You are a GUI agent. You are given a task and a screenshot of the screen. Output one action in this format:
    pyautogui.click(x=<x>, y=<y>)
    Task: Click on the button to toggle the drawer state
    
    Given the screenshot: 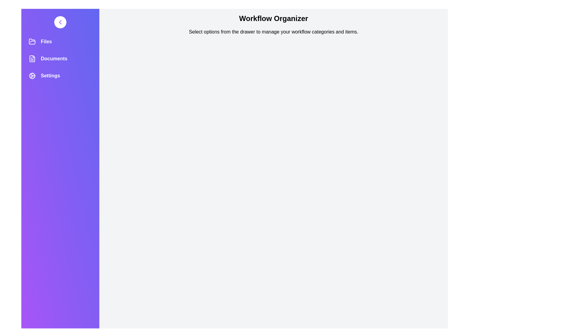 What is the action you would take?
    pyautogui.click(x=60, y=22)
    